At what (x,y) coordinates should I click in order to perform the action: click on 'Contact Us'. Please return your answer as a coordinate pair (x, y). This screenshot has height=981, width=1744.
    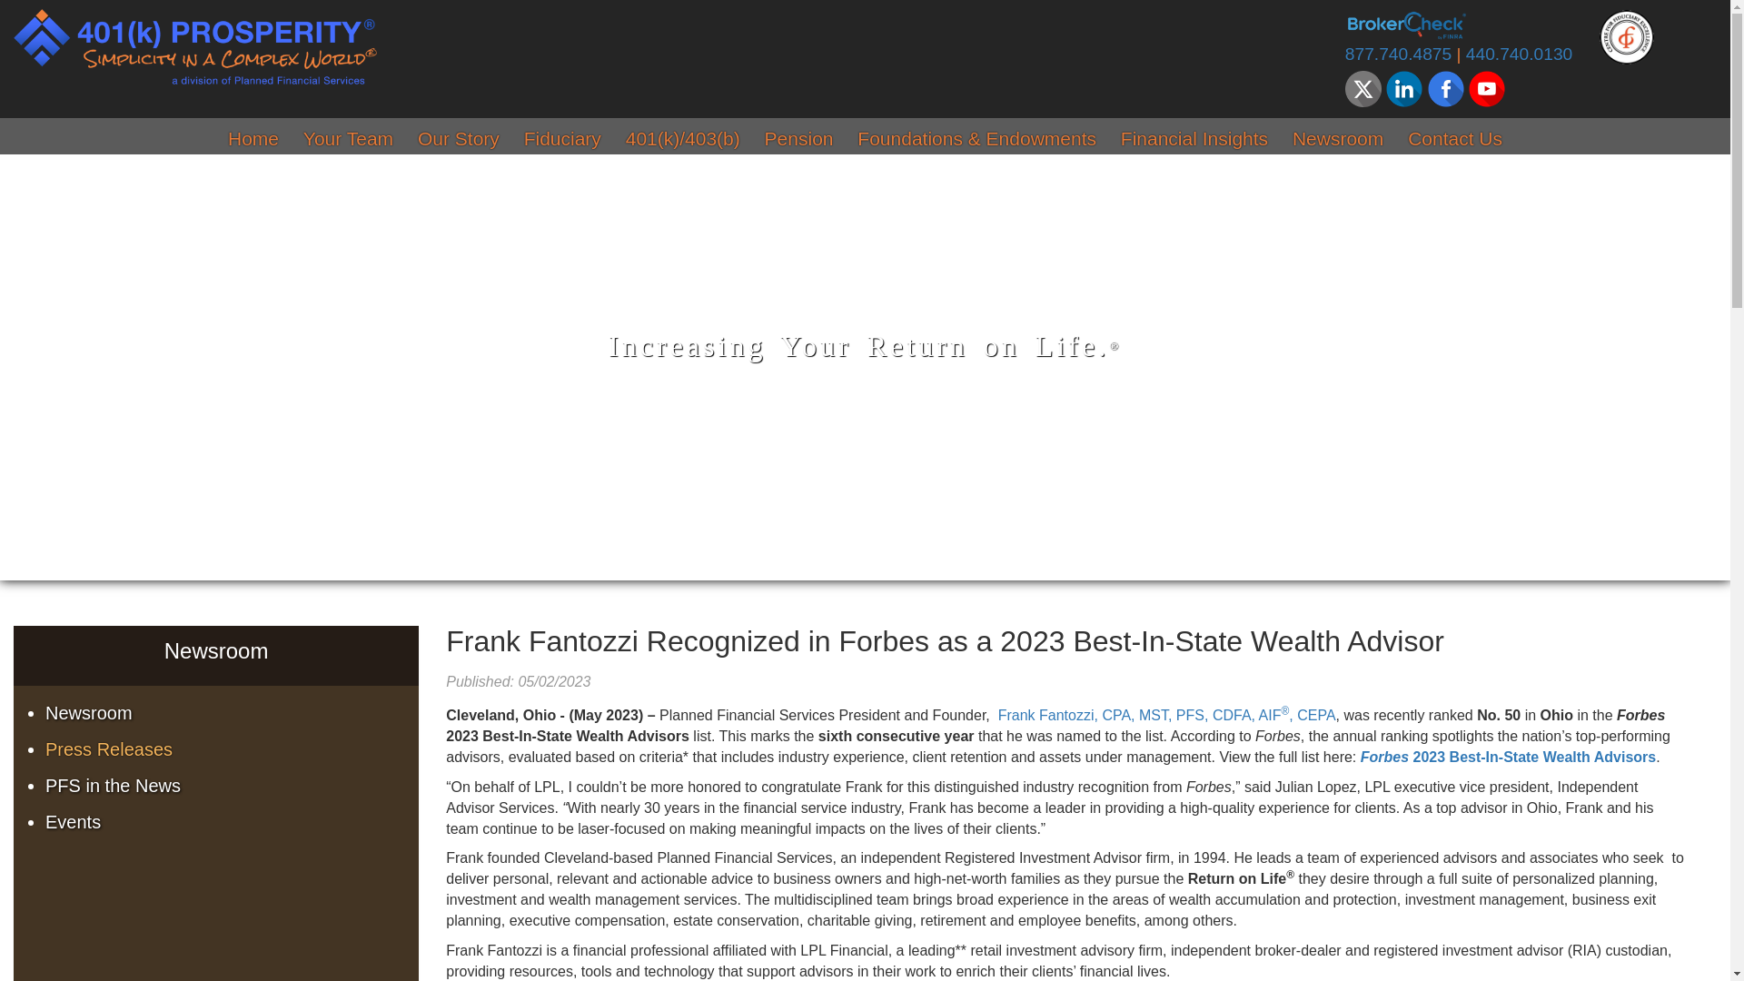
    Looking at the image, I should click on (1455, 140).